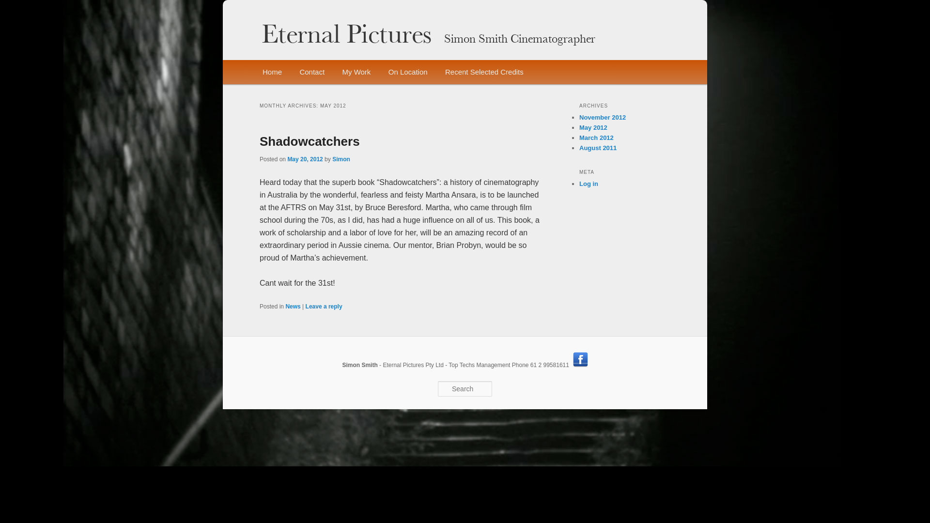 This screenshot has height=523, width=930. Describe the element at coordinates (356, 72) in the screenshot. I see `'My Work'` at that location.